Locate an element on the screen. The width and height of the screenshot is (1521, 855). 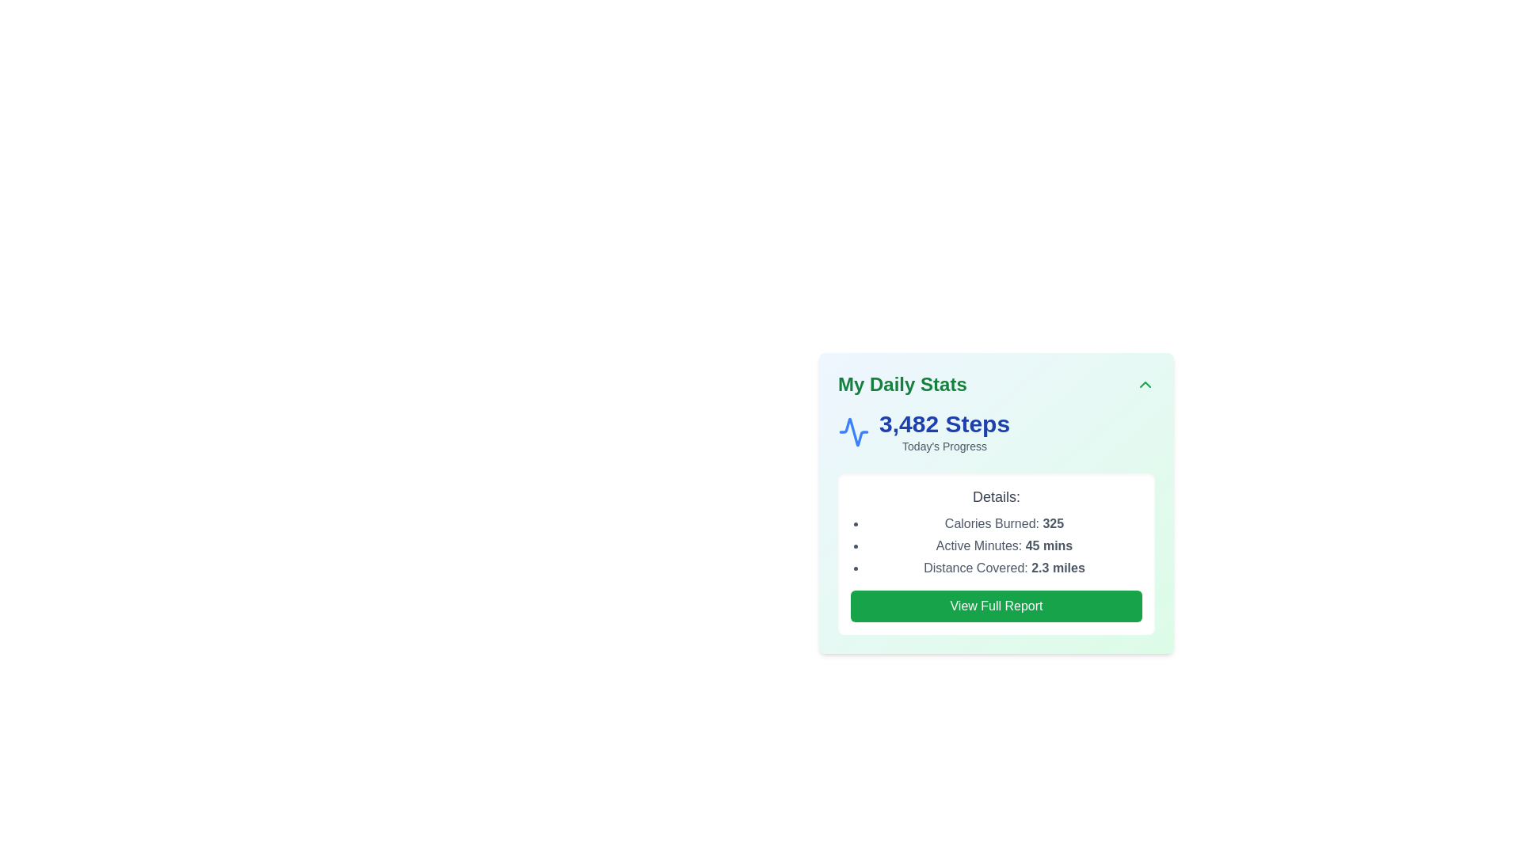
the Static Info Panel displaying '3,482 Steps' and 'Today's Progress', located centrally within the 'My Daily Stats' card, featuring a blue heartbeat icon and a gradient background is located at coordinates (995, 432).